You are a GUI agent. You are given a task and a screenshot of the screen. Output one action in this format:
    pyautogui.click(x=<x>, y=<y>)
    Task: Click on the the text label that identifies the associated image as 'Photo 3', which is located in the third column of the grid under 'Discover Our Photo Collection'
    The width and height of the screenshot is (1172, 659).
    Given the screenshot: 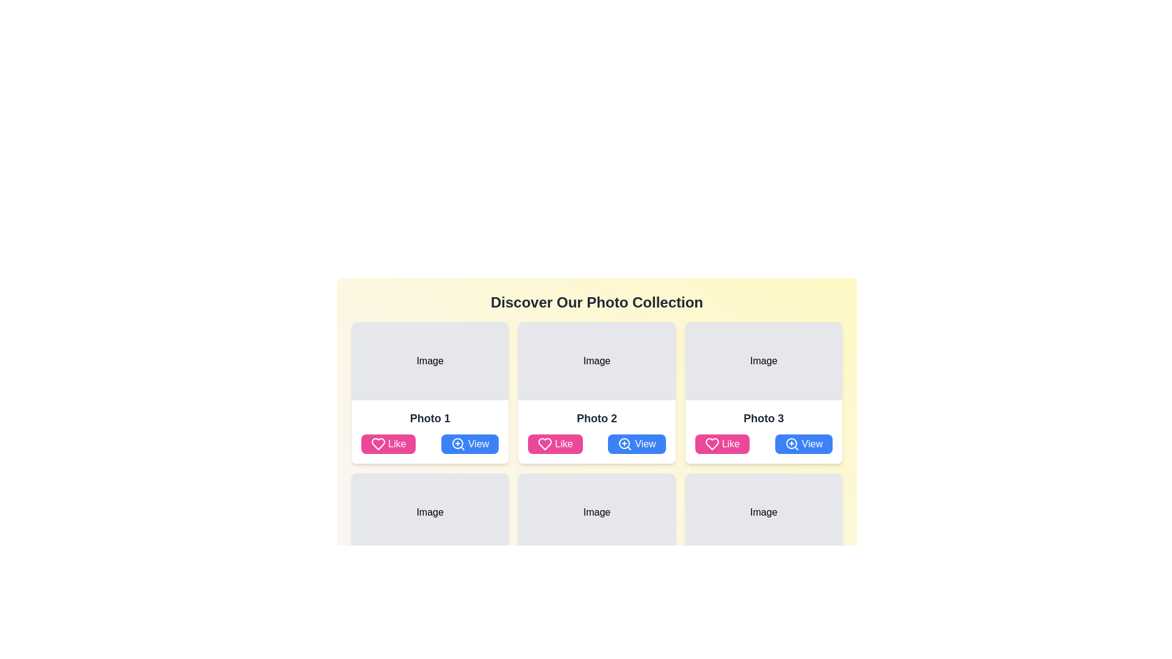 What is the action you would take?
    pyautogui.click(x=763, y=418)
    